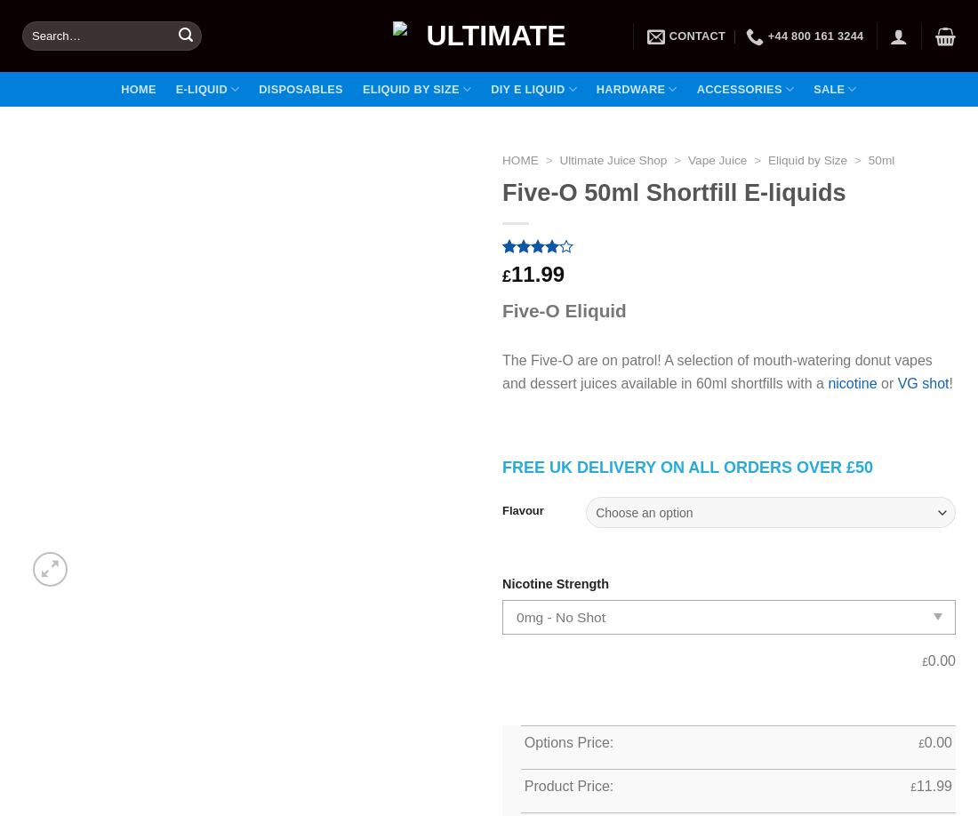  I want to click on 'Vape Juice', so click(717, 160).